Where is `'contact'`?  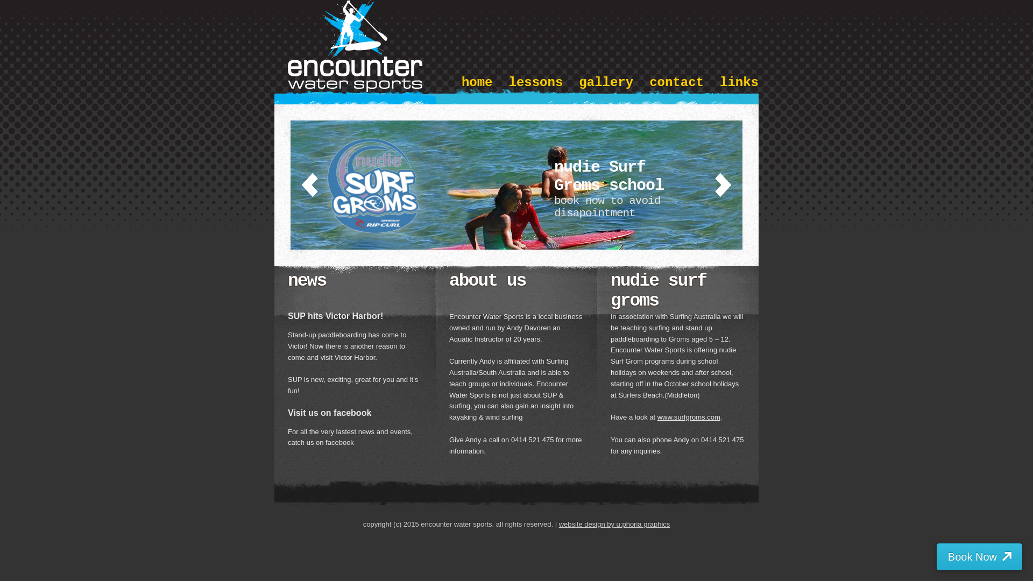 'contact' is located at coordinates (676, 82).